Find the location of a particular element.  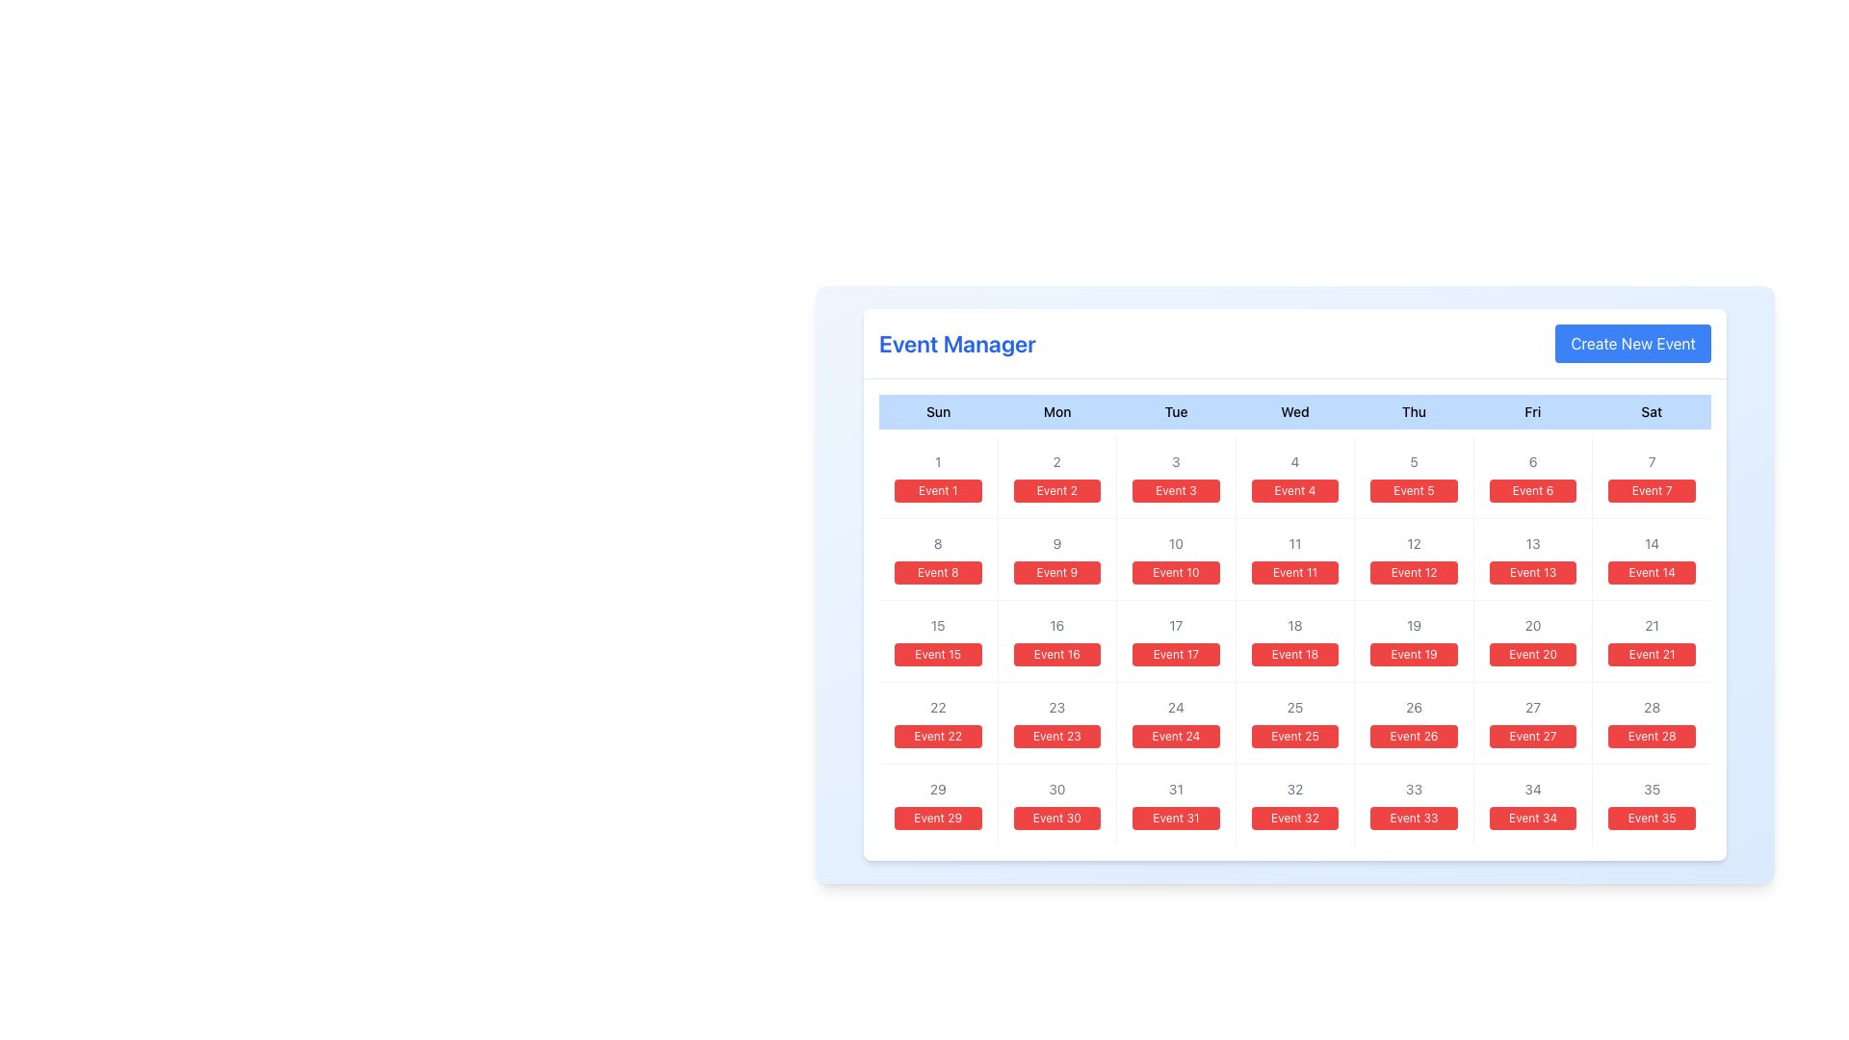

the numeric text label '23' which is styled with a grayish font color and positioned above the red button labeled 'Event 23' within the calendar interface is located at coordinates (1055, 708).